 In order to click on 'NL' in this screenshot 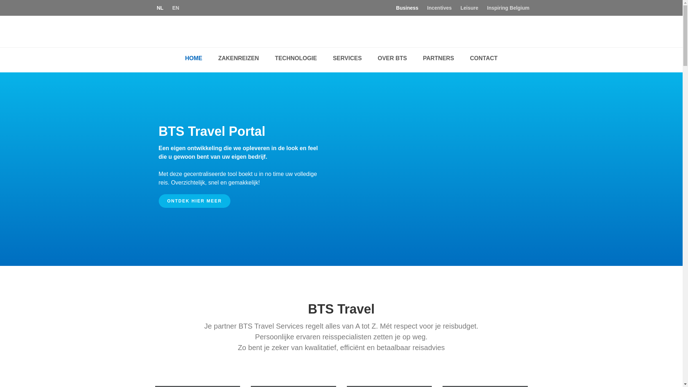, I will do `click(160, 8)`.